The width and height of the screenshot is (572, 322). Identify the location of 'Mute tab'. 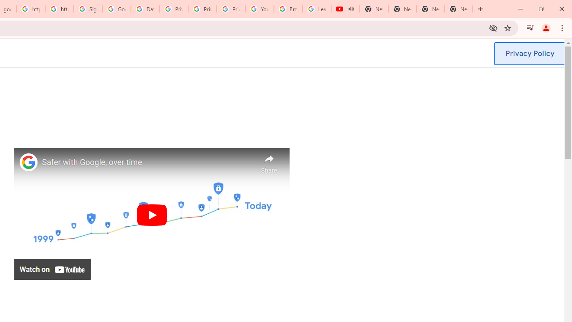
(350, 9).